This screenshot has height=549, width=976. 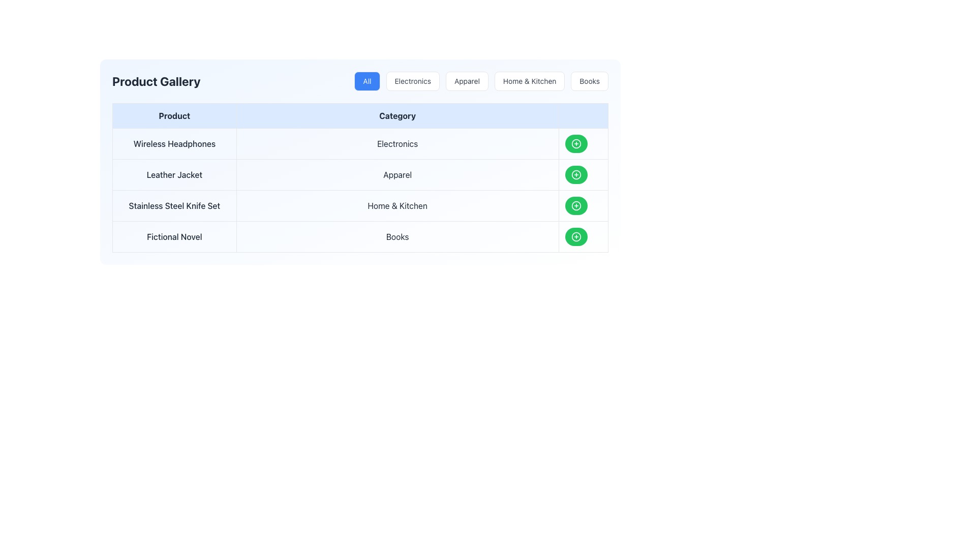 I want to click on the third button in the 'Leather Jacket' row of the 'Category' column, so click(x=583, y=174).